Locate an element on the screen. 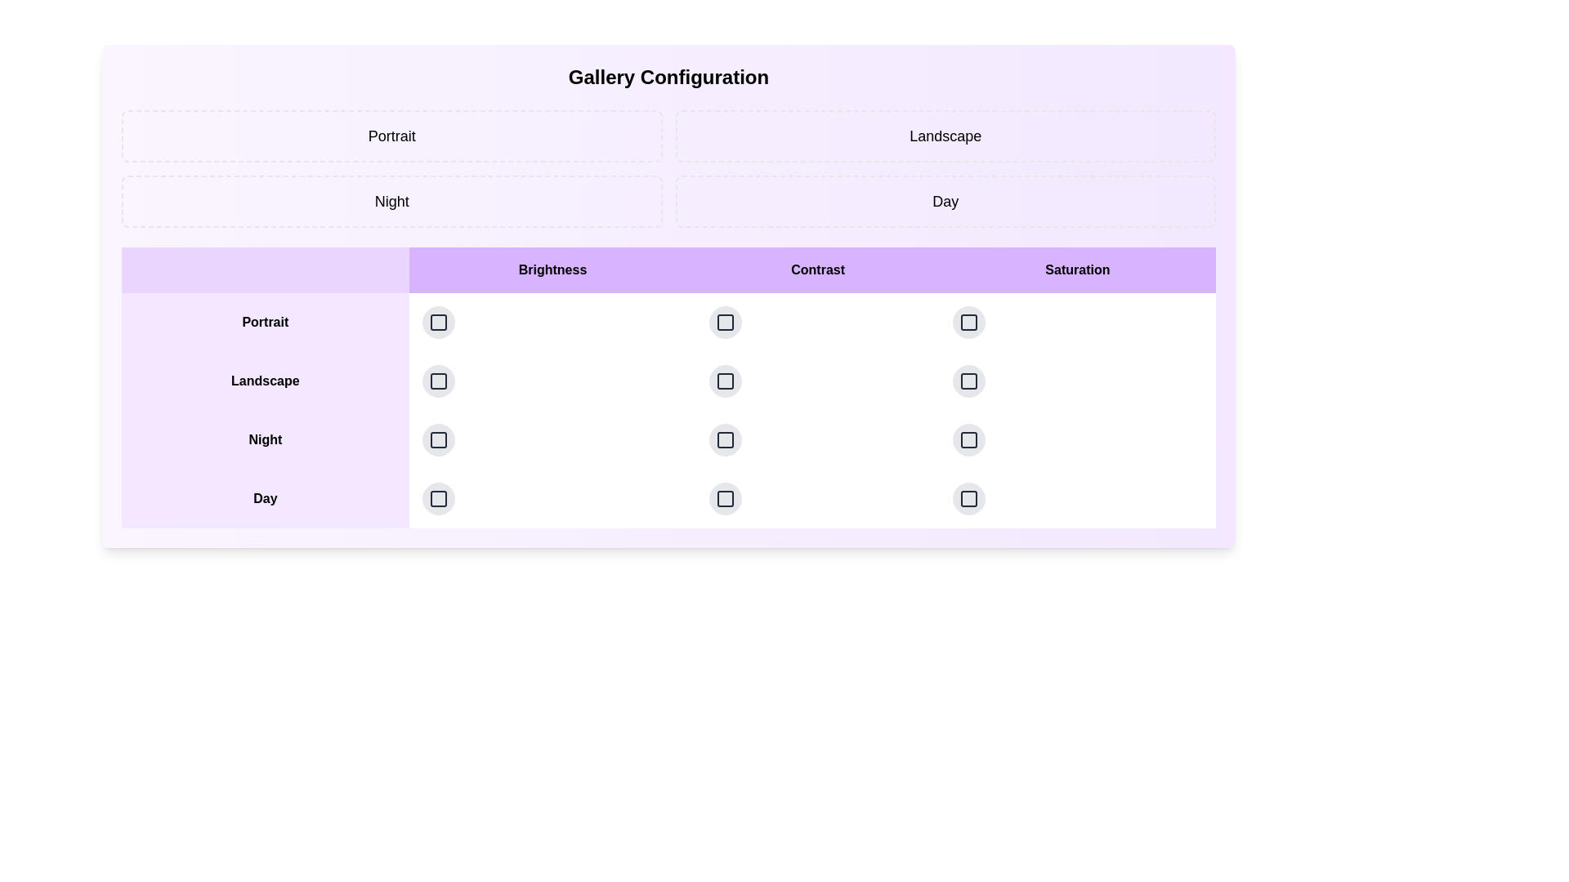  the 'Day' category row in the settings table for 'Brightness', 'Contrast', and 'Saturation' is located at coordinates (668, 497).